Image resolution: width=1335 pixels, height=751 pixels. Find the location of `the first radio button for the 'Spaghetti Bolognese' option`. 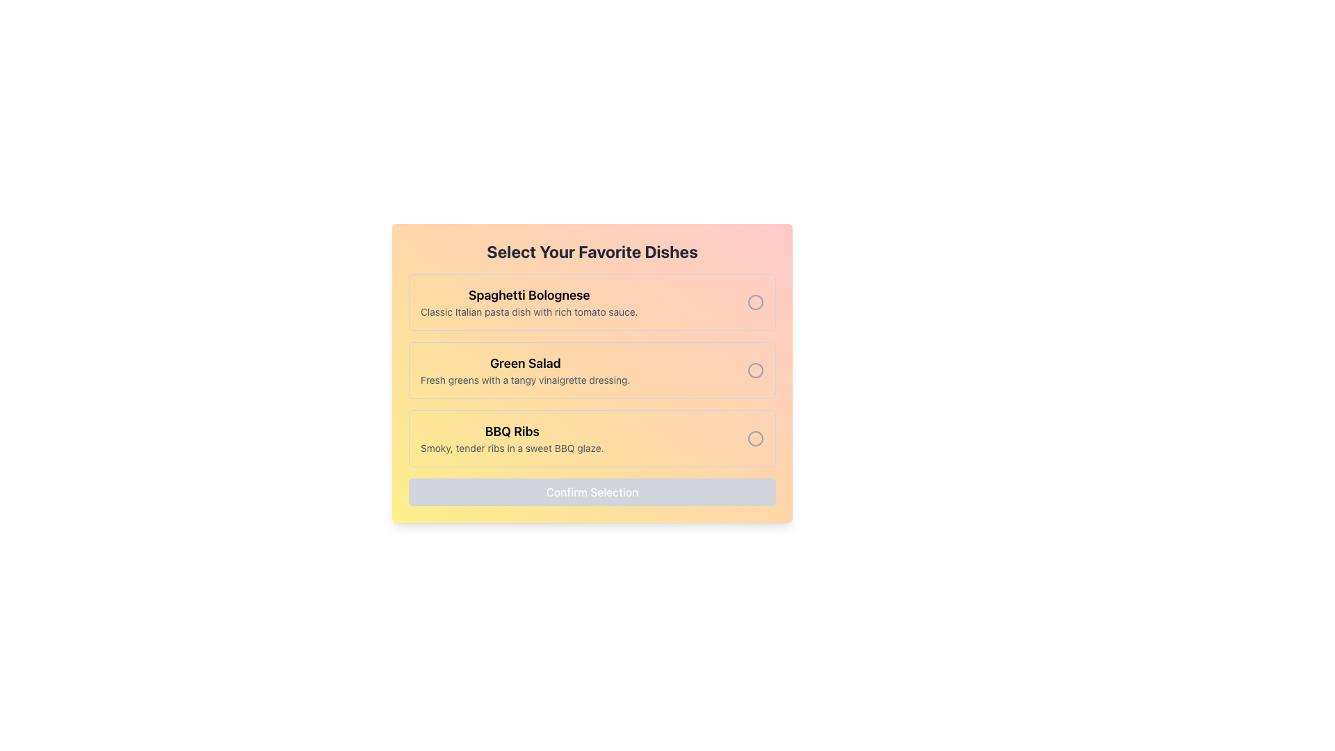

the first radio button for the 'Spaghetti Bolognese' option is located at coordinates (754, 302).